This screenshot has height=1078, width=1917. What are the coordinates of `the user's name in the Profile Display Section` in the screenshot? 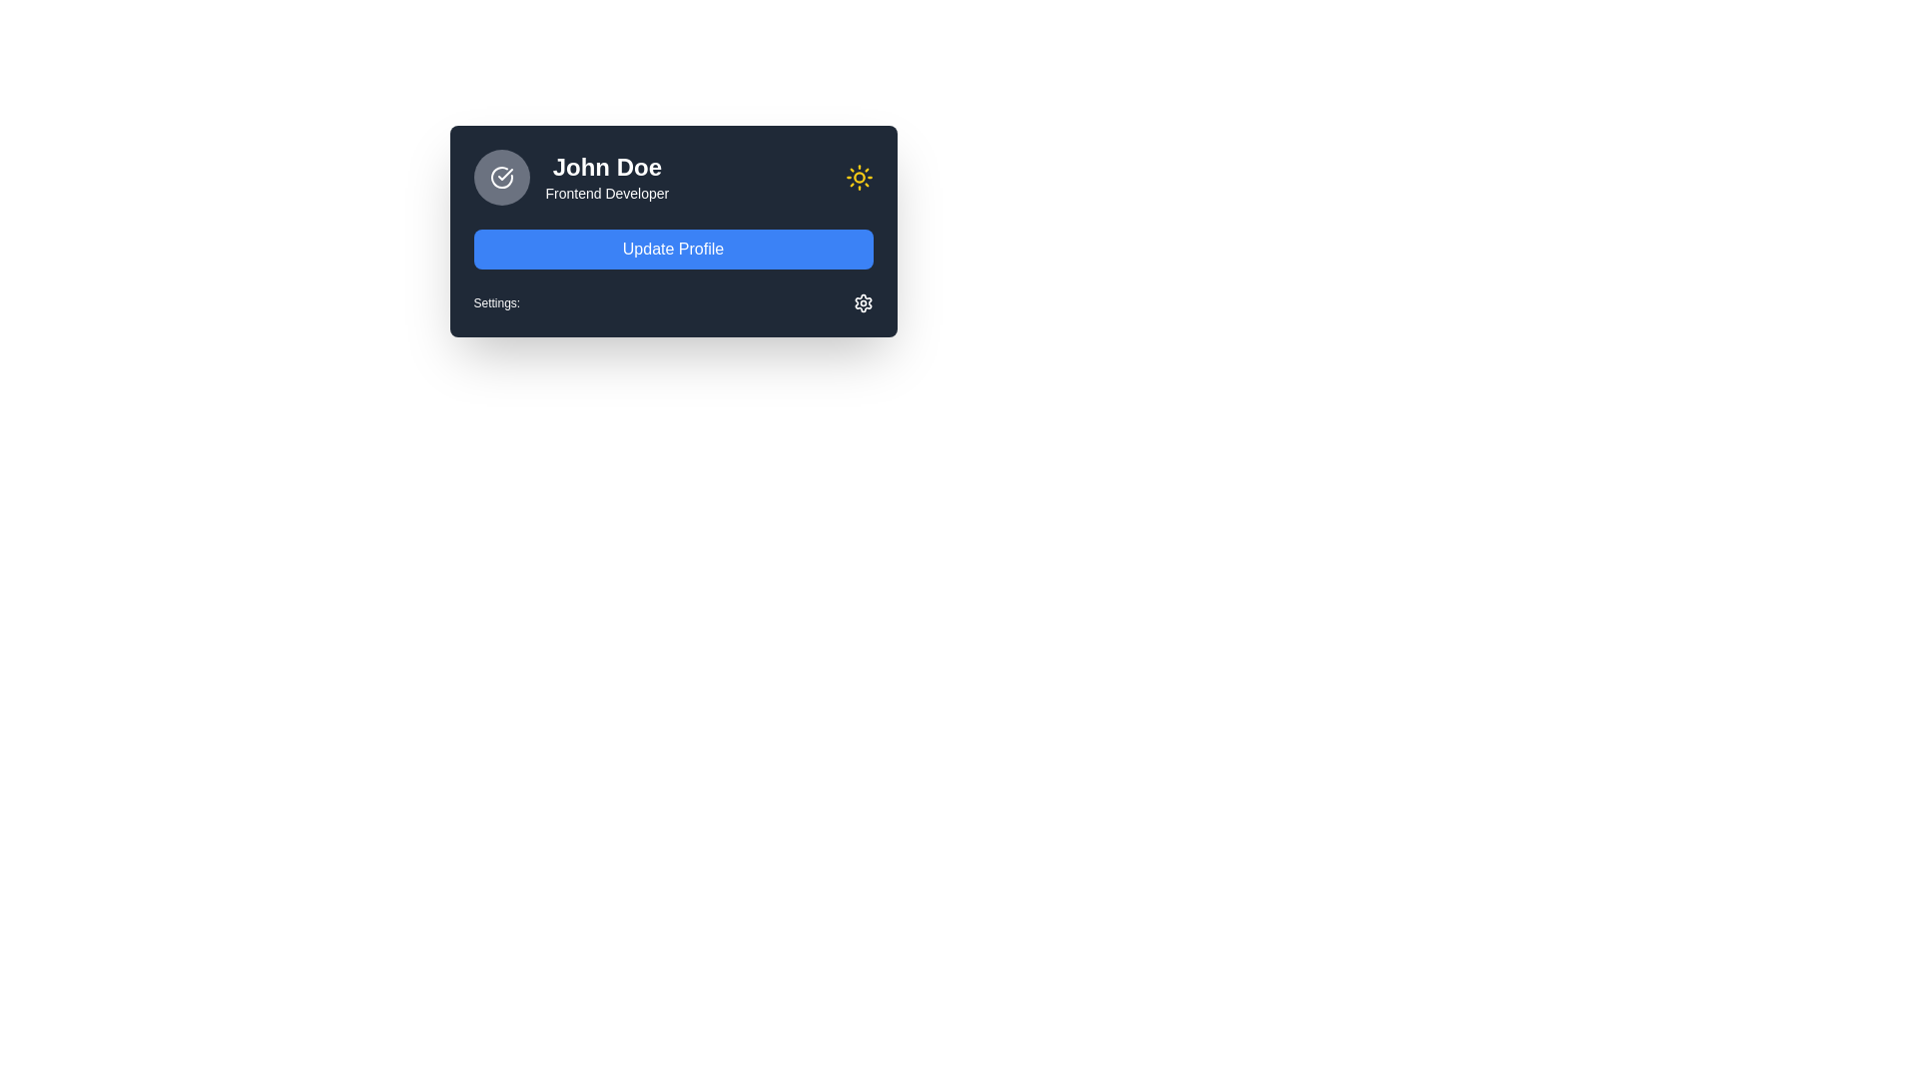 It's located at (570, 176).